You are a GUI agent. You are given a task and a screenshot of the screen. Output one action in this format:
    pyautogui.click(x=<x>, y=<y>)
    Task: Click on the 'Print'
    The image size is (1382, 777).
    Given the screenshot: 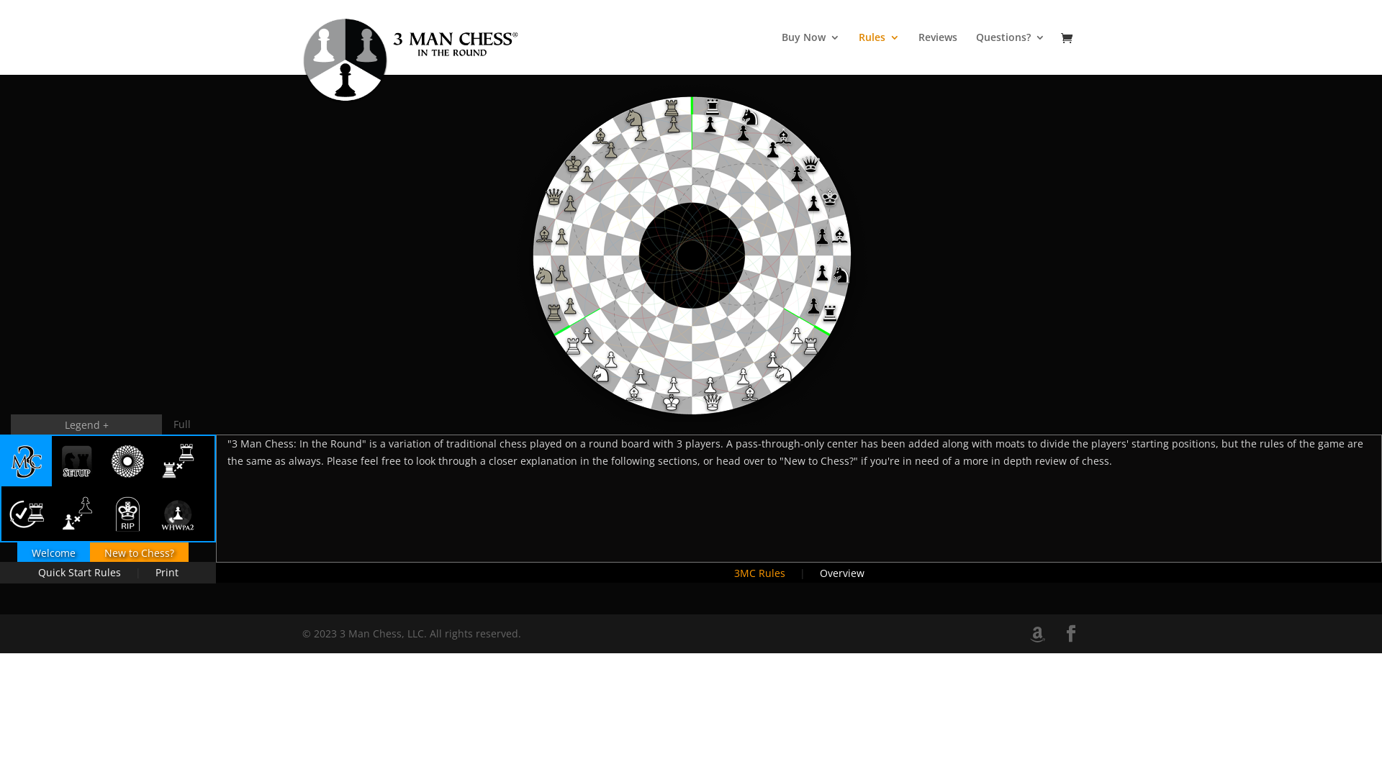 What is the action you would take?
    pyautogui.click(x=141, y=571)
    